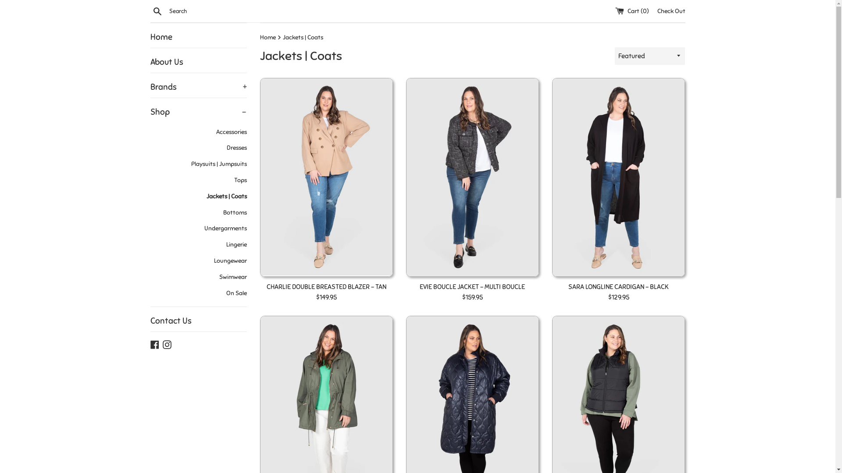  What do you see at coordinates (197, 164) in the screenshot?
I see `'Playsuits | Jumpsuits'` at bounding box center [197, 164].